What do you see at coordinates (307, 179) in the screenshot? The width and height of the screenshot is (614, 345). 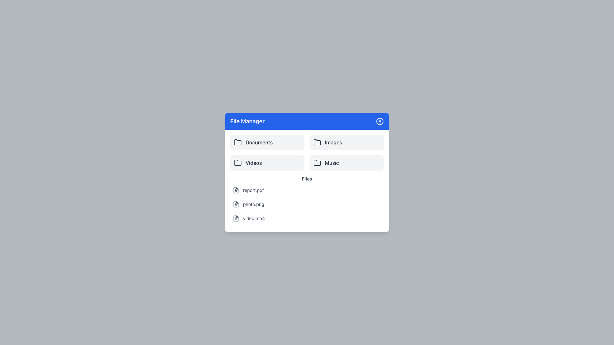 I see `the text label reading 'Files', which is styled with a bold, small font and gray color, located above the file listings section` at bounding box center [307, 179].